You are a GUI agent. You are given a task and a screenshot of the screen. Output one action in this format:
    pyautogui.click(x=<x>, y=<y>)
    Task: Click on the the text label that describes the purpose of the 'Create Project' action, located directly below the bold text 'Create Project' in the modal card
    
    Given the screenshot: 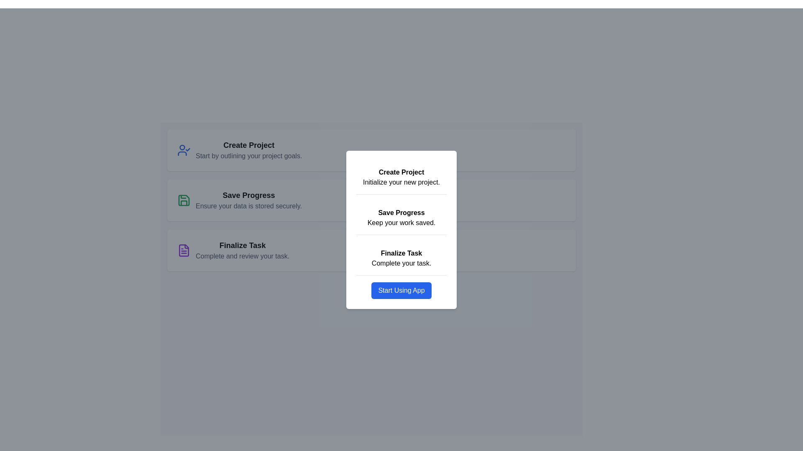 What is the action you would take?
    pyautogui.click(x=401, y=182)
    